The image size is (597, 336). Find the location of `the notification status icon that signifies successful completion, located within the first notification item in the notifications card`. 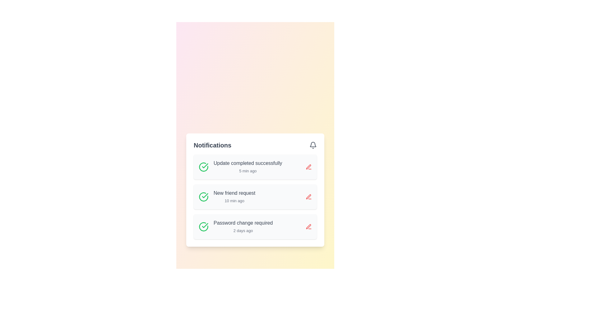

the notification status icon that signifies successful completion, located within the first notification item in the notifications card is located at coordinates (205, 195).